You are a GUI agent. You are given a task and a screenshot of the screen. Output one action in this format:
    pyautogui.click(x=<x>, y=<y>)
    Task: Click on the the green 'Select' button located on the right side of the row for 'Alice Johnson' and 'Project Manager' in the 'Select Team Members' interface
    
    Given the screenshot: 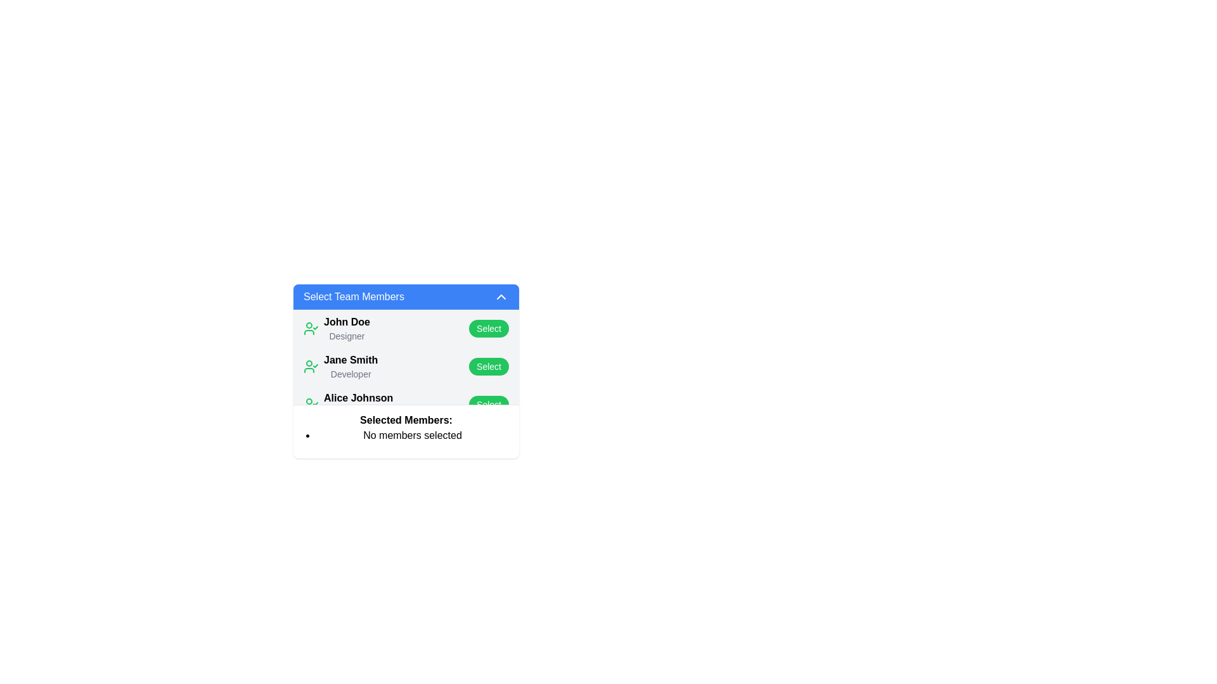 What is the action you would take?
    pyautogui.click(x=488, y=405)
    